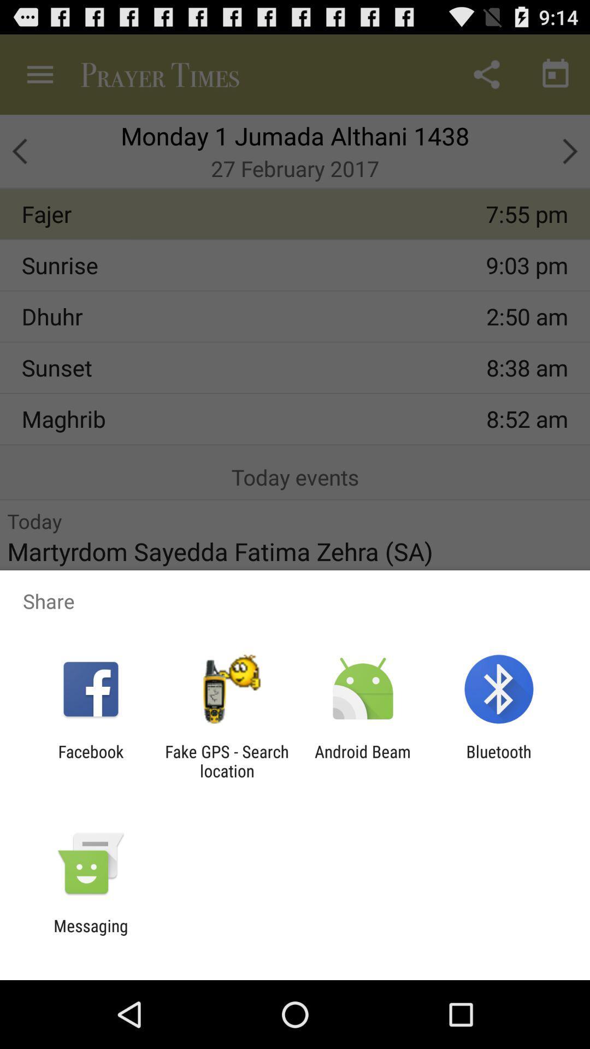 The width and height of the screenshot is (590, 1049). I want to click on item to the left of bluetooth, so click(363, 761).